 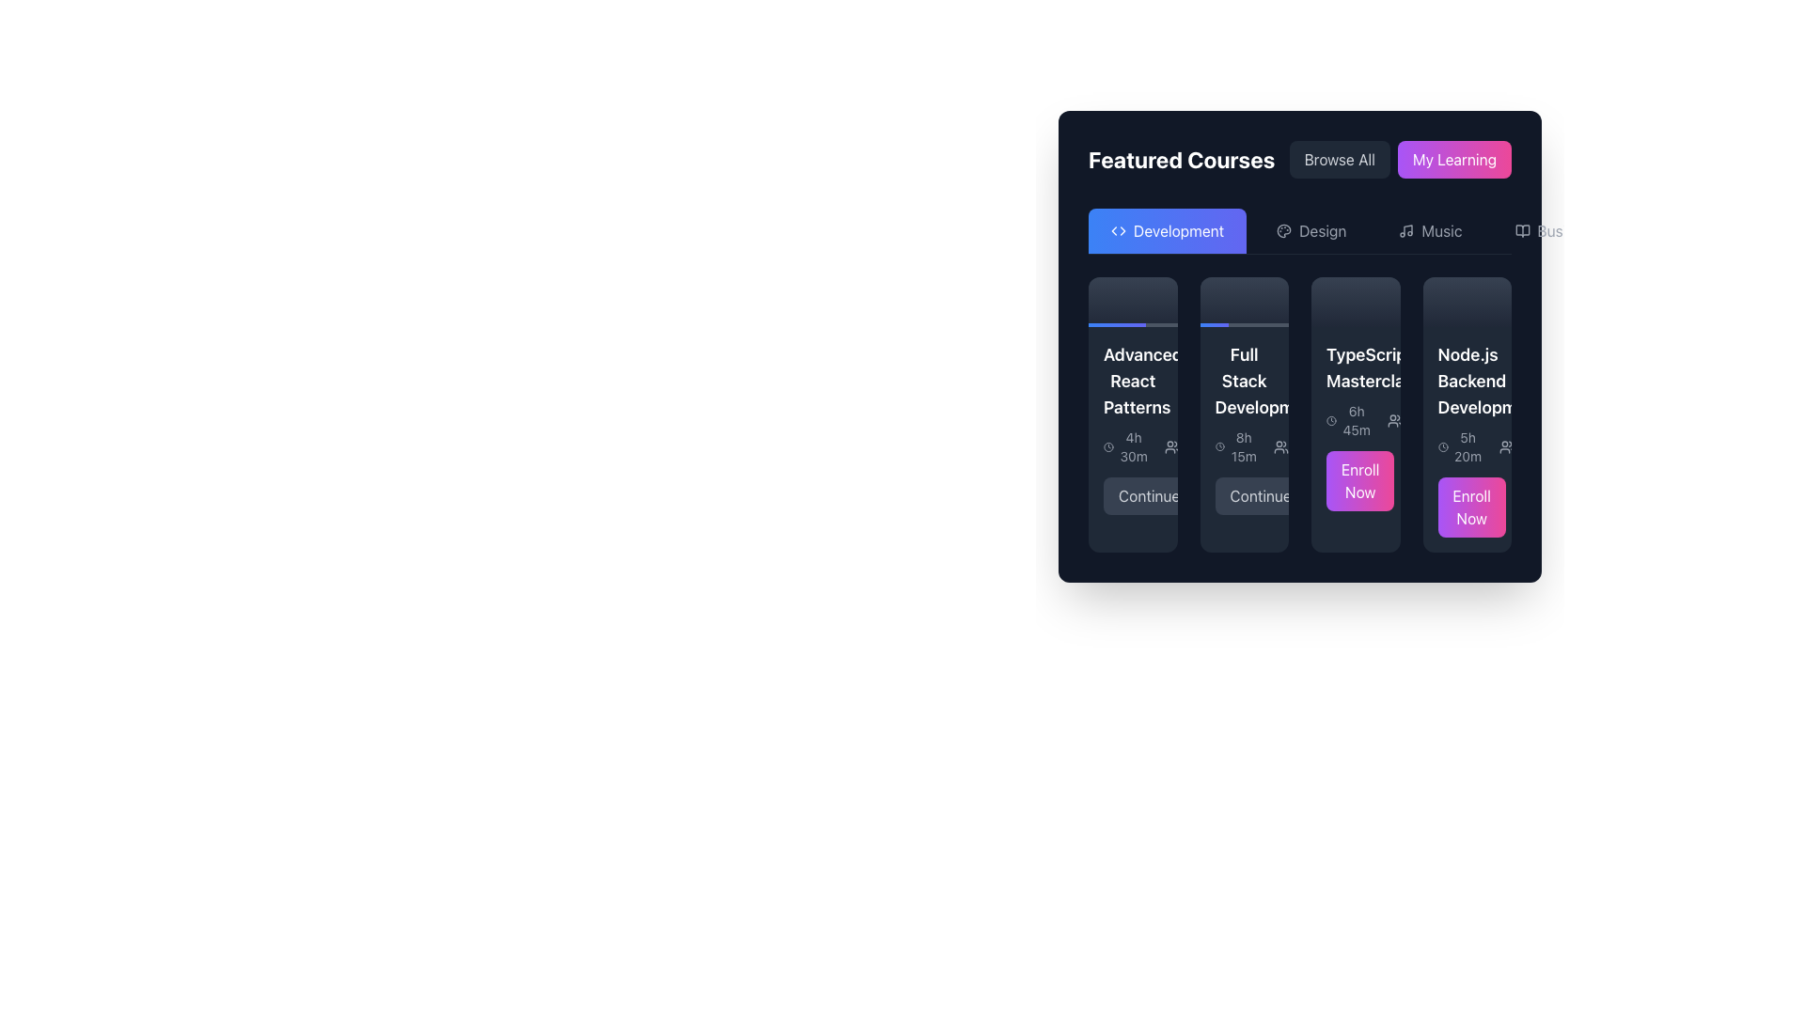 What do you see at coordinates (1167, 230) in the screenshot?
I see `the 'Development' button` at bounding box center [1167, 230].